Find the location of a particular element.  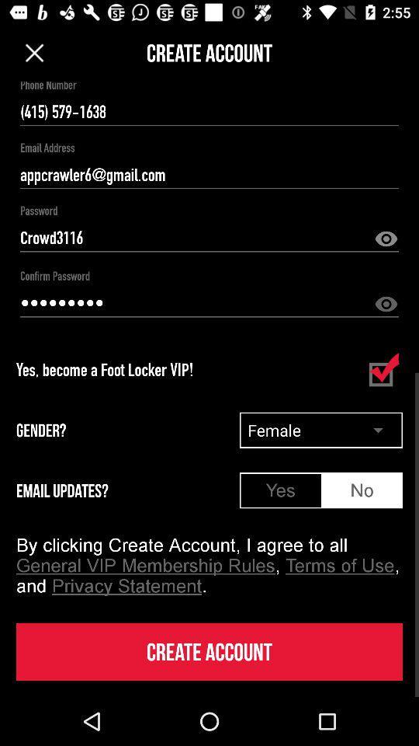

reveal password is located at coordinates (385, 304).